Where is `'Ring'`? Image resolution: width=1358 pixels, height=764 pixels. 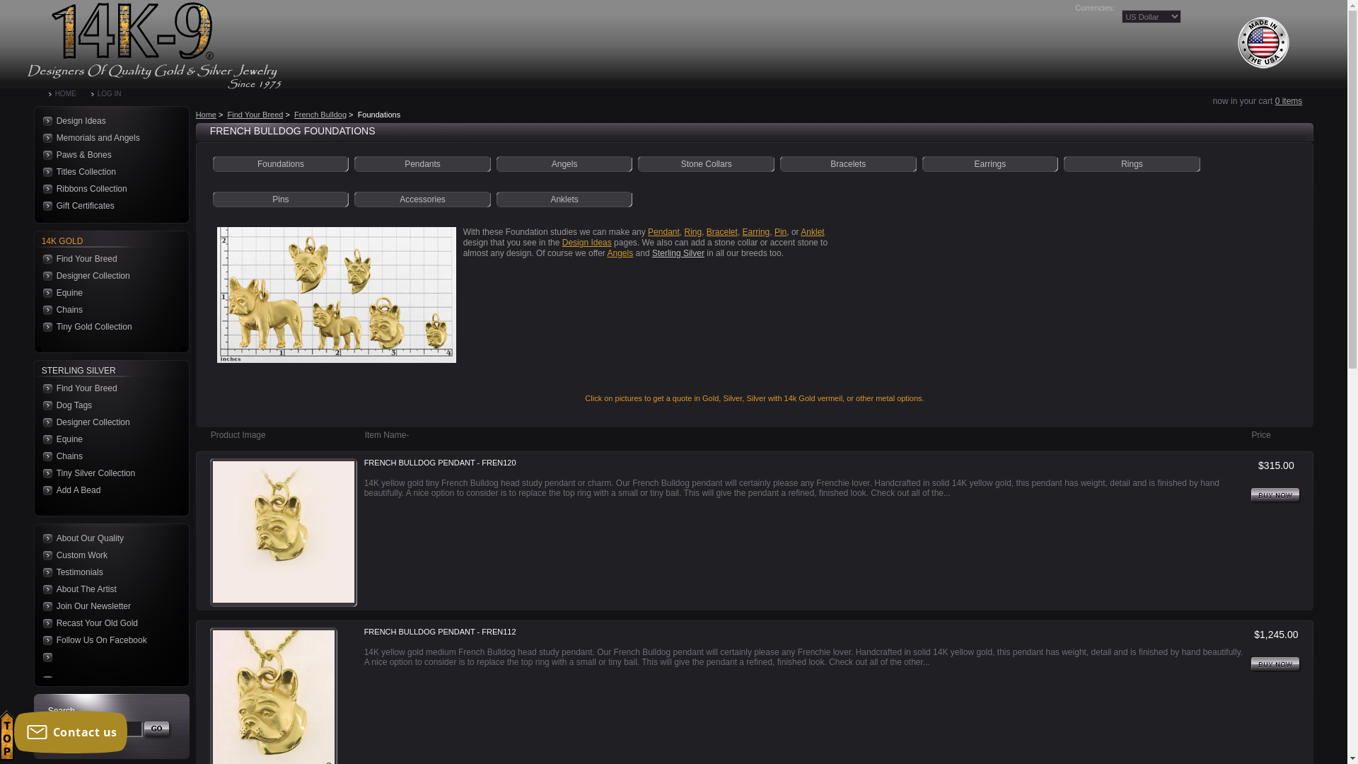
'Ring' is located at coordinates (693, 231).